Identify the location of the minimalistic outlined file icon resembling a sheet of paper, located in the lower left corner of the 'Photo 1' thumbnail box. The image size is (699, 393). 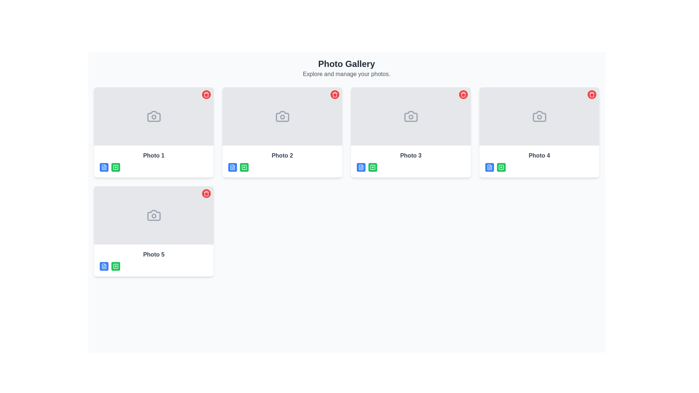
(104, 167).